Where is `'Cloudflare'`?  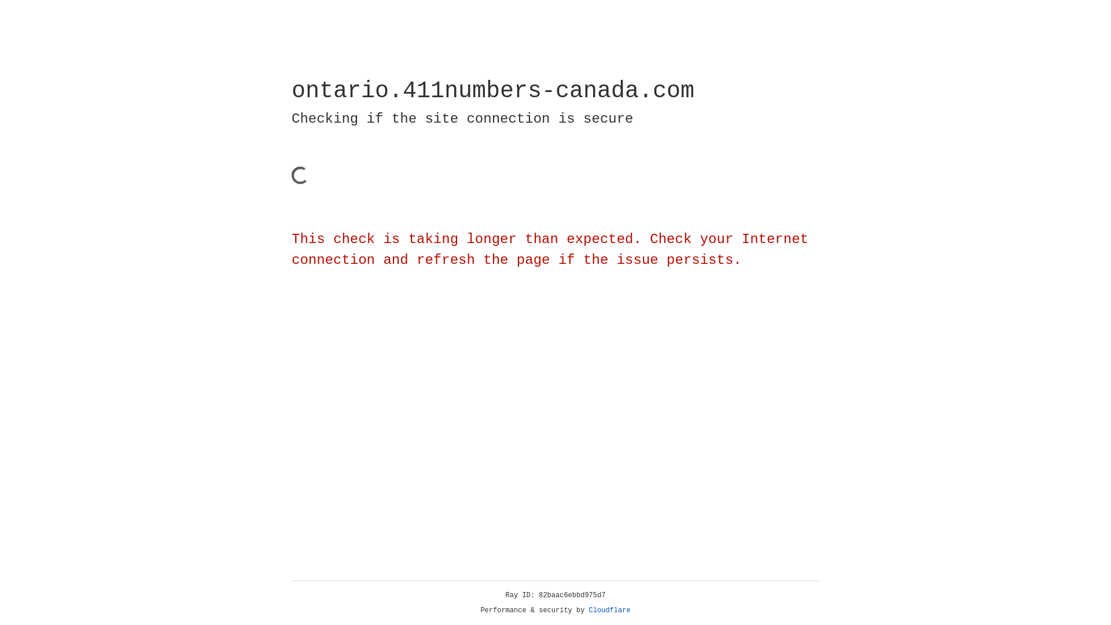 'Cloudflare' is located at coordinates (609, 610).